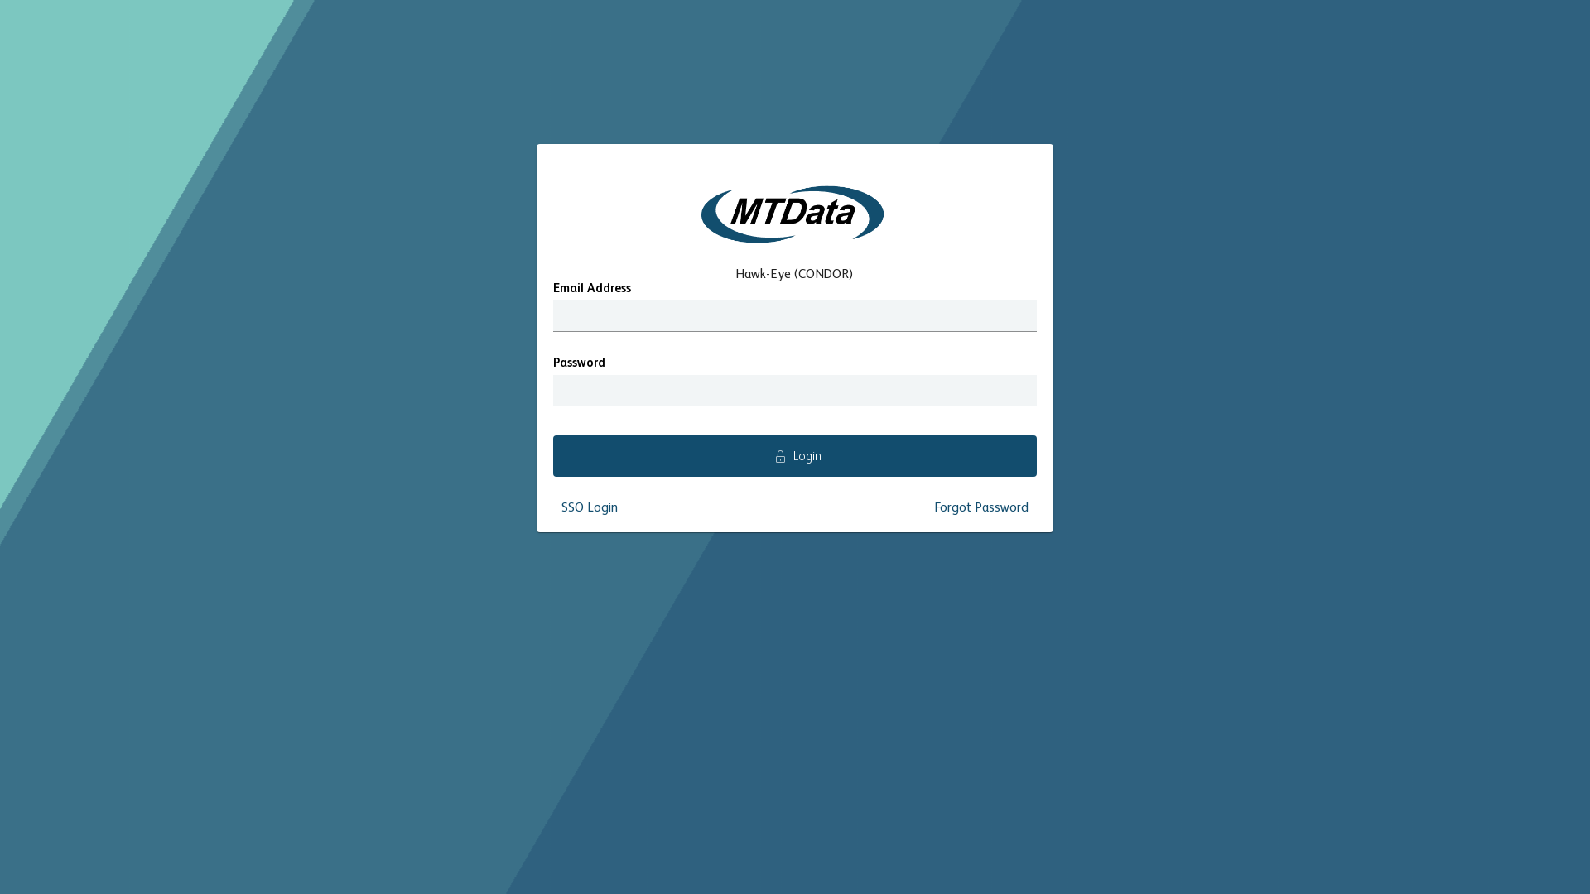  Describe the element at coordinates (981, 507) in the screenshot. I see `'Forgot Password'` at that location.